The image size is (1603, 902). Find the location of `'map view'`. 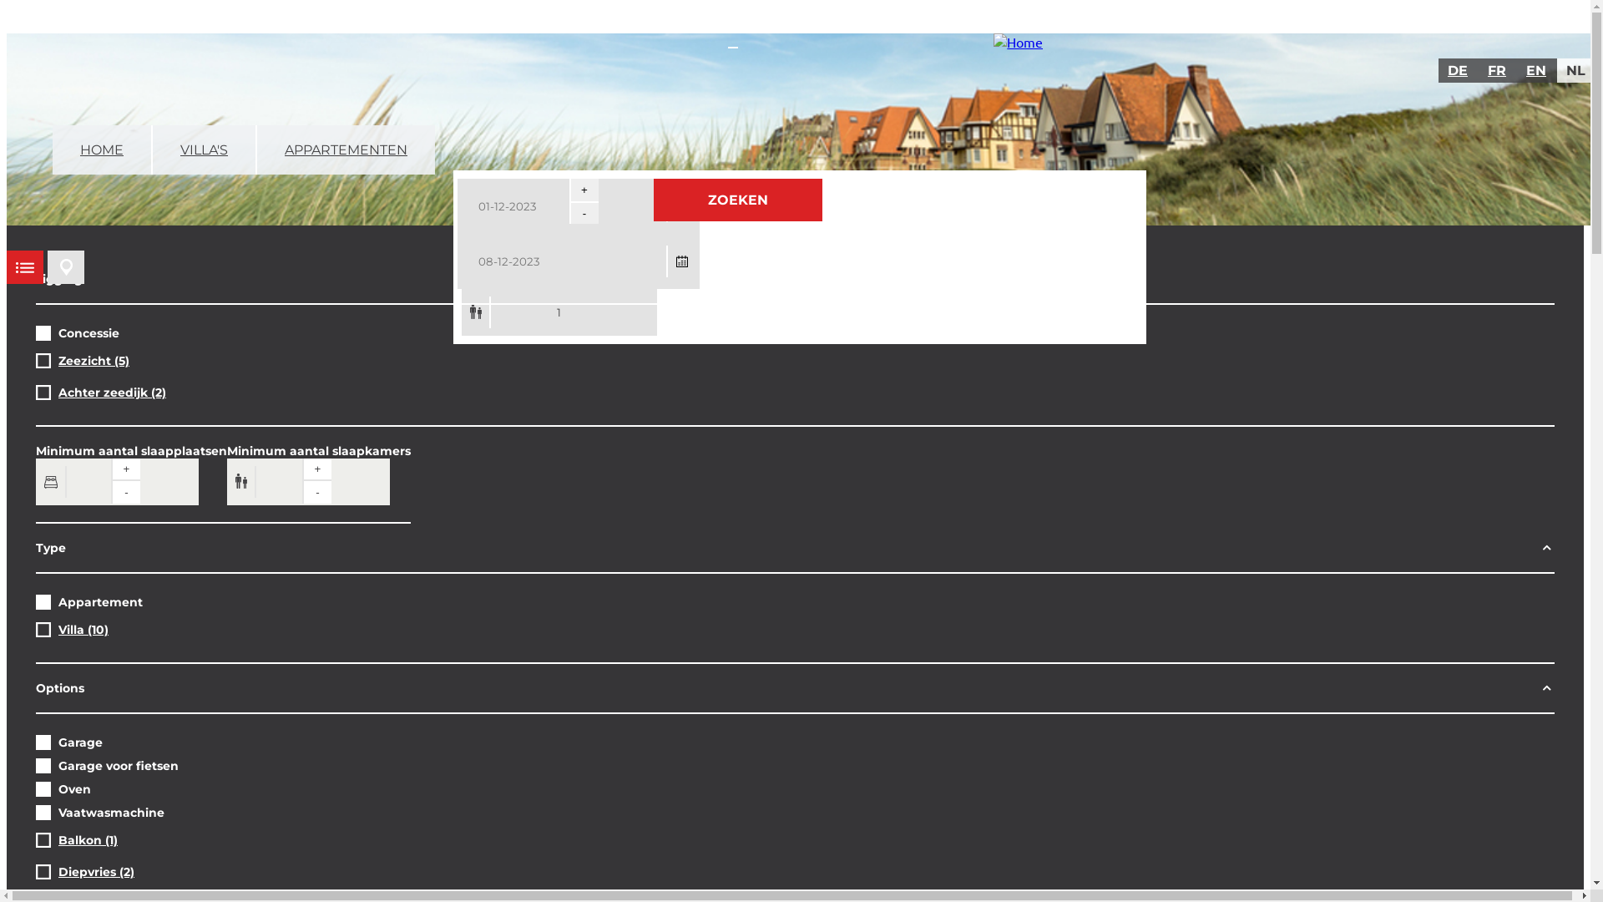

'map view' is located at coordinates (48, 266).